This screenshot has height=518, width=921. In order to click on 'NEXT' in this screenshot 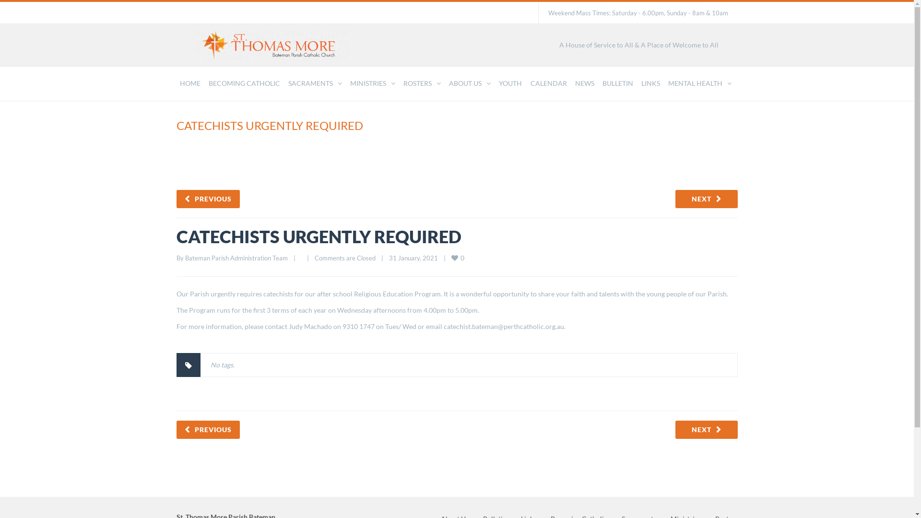, I will do `click(674, 199)`.